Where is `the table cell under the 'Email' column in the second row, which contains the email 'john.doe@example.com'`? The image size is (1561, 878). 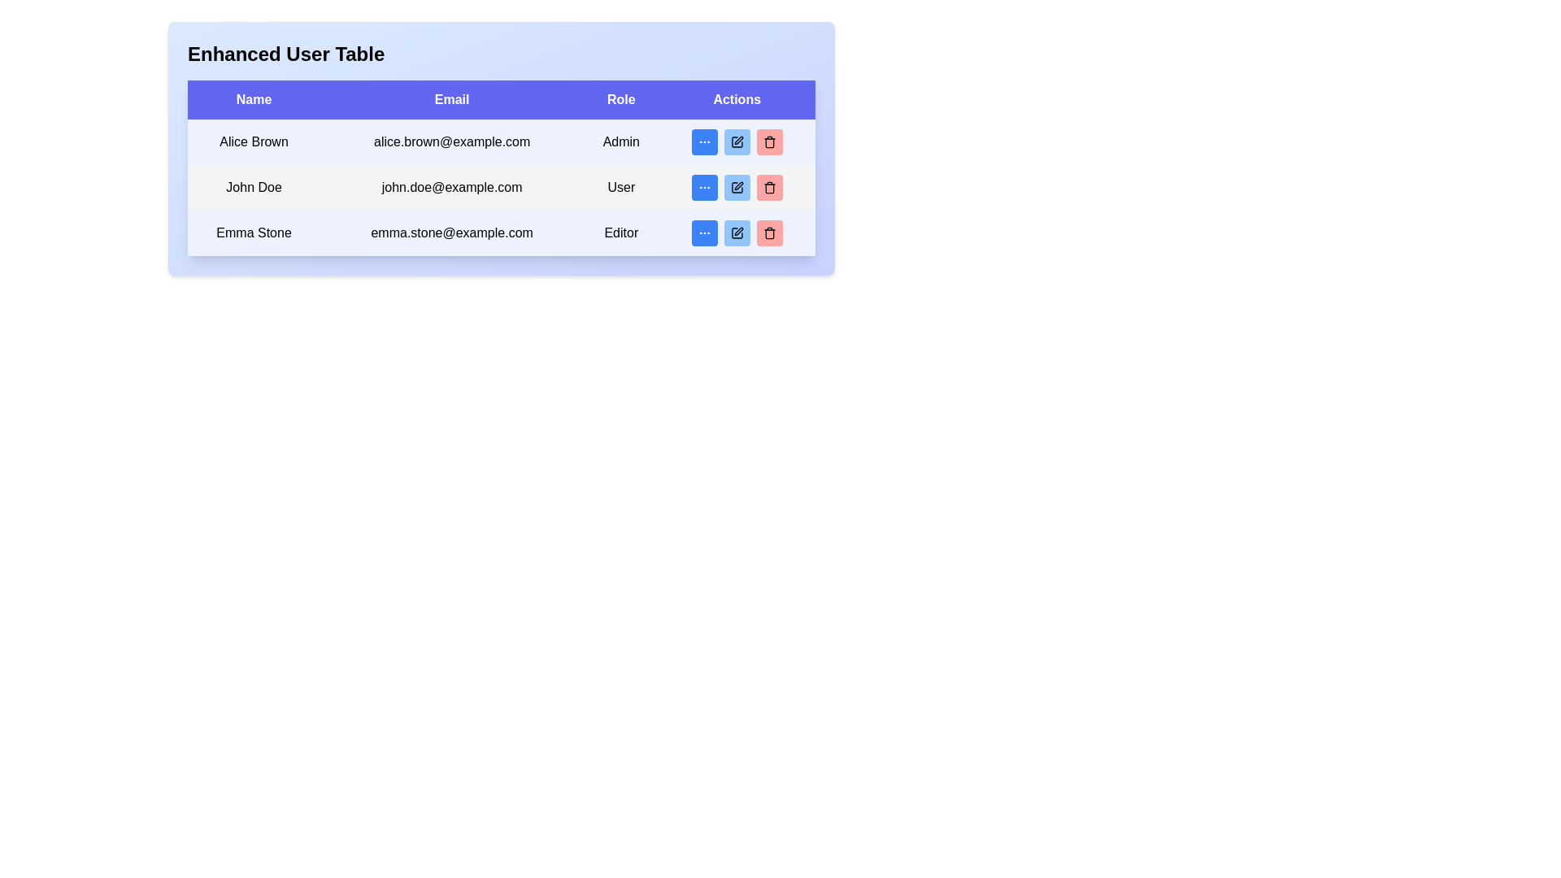 the table cell under the 'Email' column in the second row, which contains the email 'john.doe@example.com' is located at coordinates (501, 168).